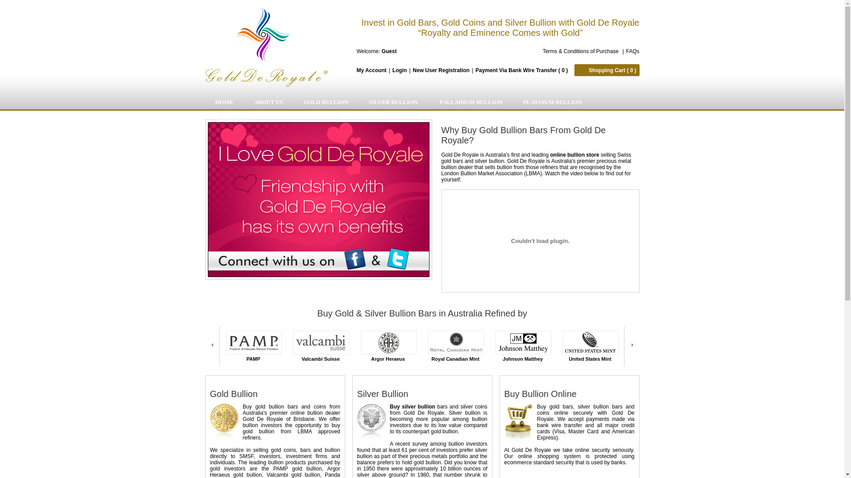 The width and height of the screenshot is (851, 478). I want to click on 'Terms & Conditions of Purchase', so click(542, 51).